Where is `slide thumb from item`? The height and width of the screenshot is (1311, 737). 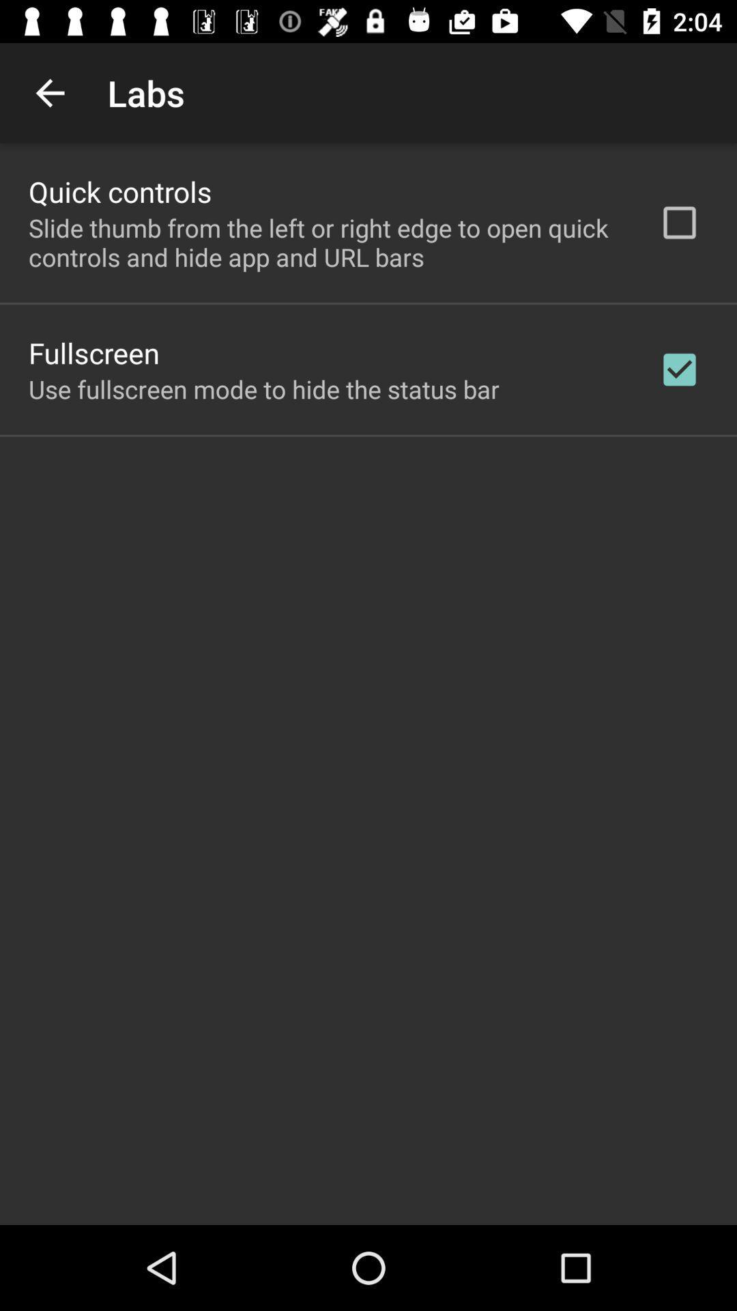 slide thumb from item is located at coordinates (326, 242).